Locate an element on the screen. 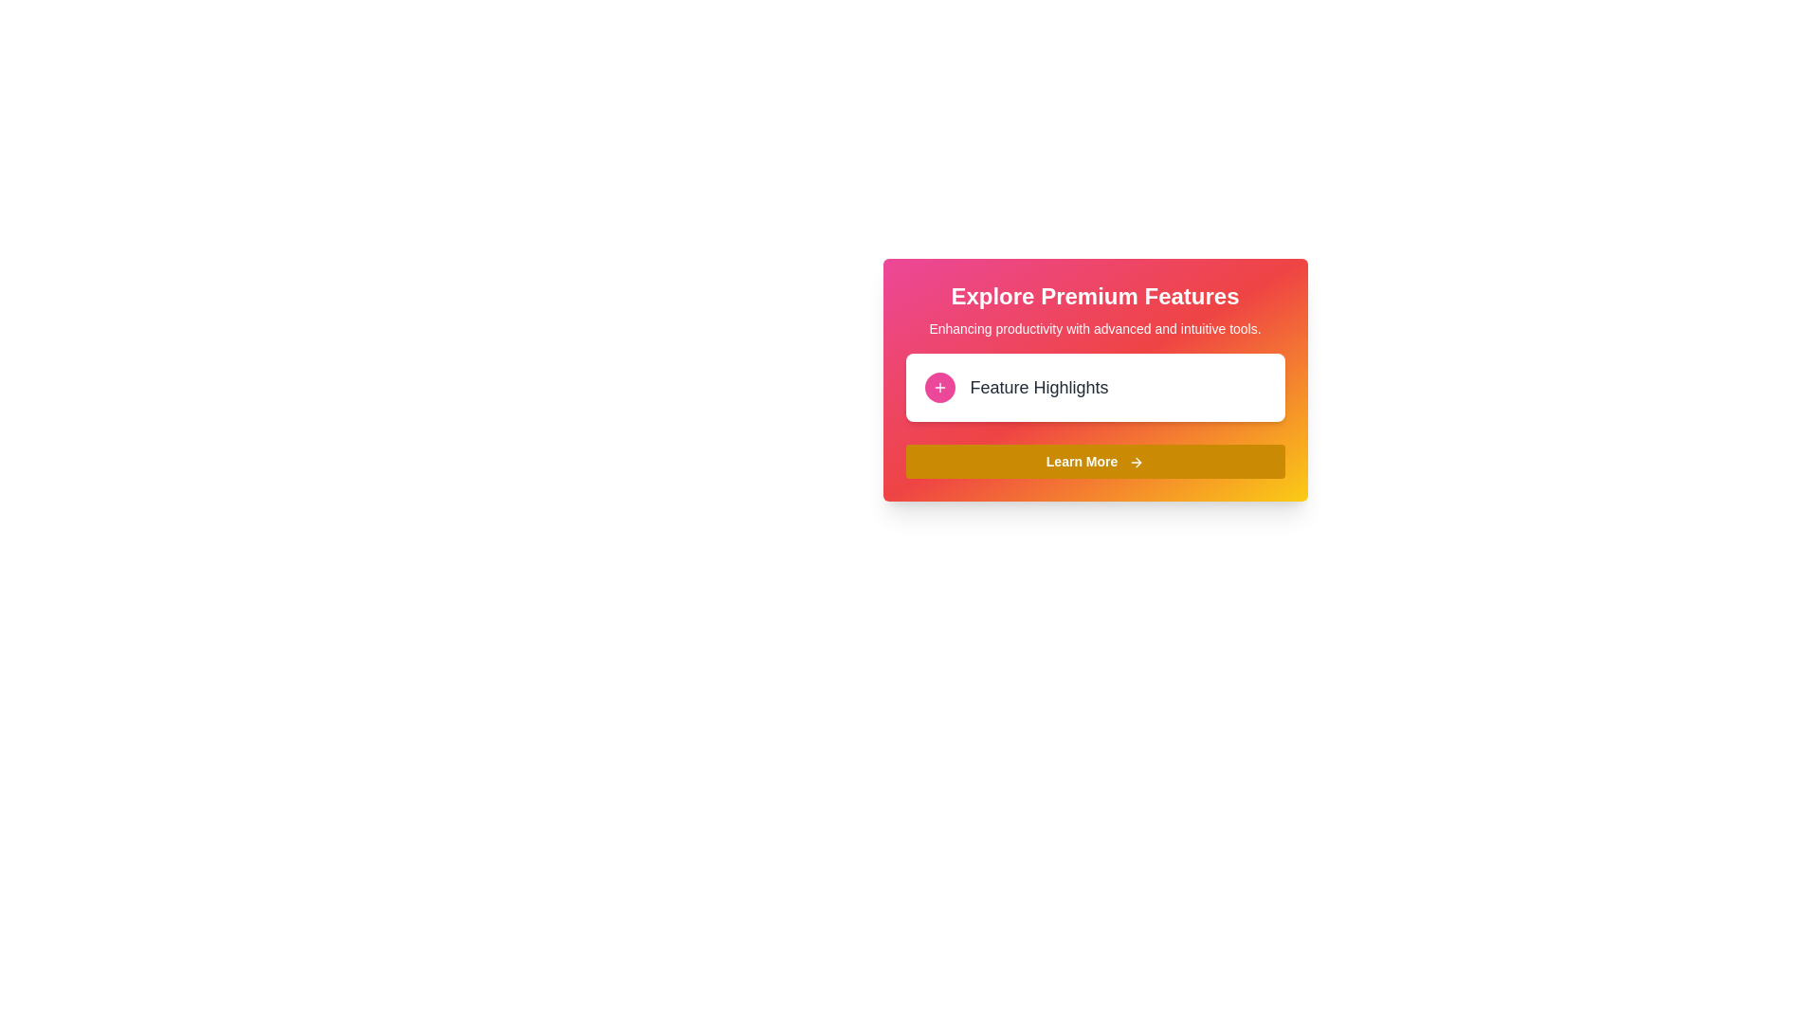  the list item with an icon and label that represents a feature section in the premium functionality overview, located below the 'Explore Premium Features' title is located at coordinates (1095, 386).